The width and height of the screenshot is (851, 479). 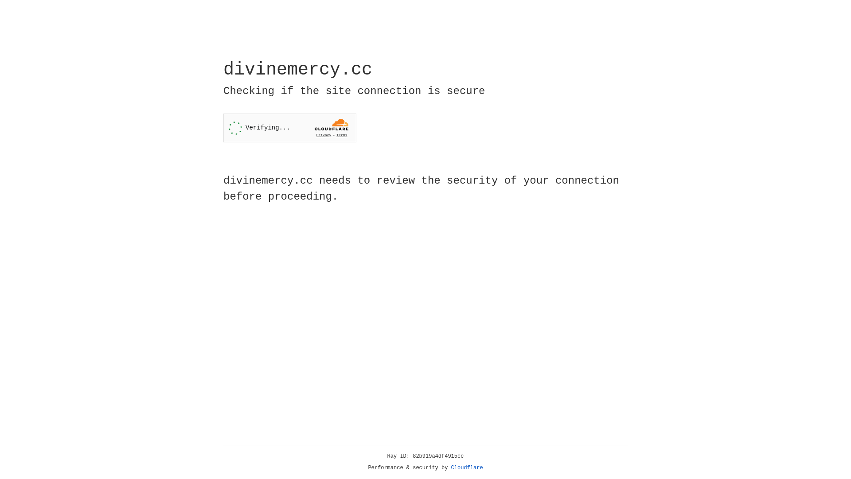 What do you see at coordinates (289, 128) in the screenshot?
I see `'Widget containing a Cloudflare security challenge'` at bounding box center [289, 128].